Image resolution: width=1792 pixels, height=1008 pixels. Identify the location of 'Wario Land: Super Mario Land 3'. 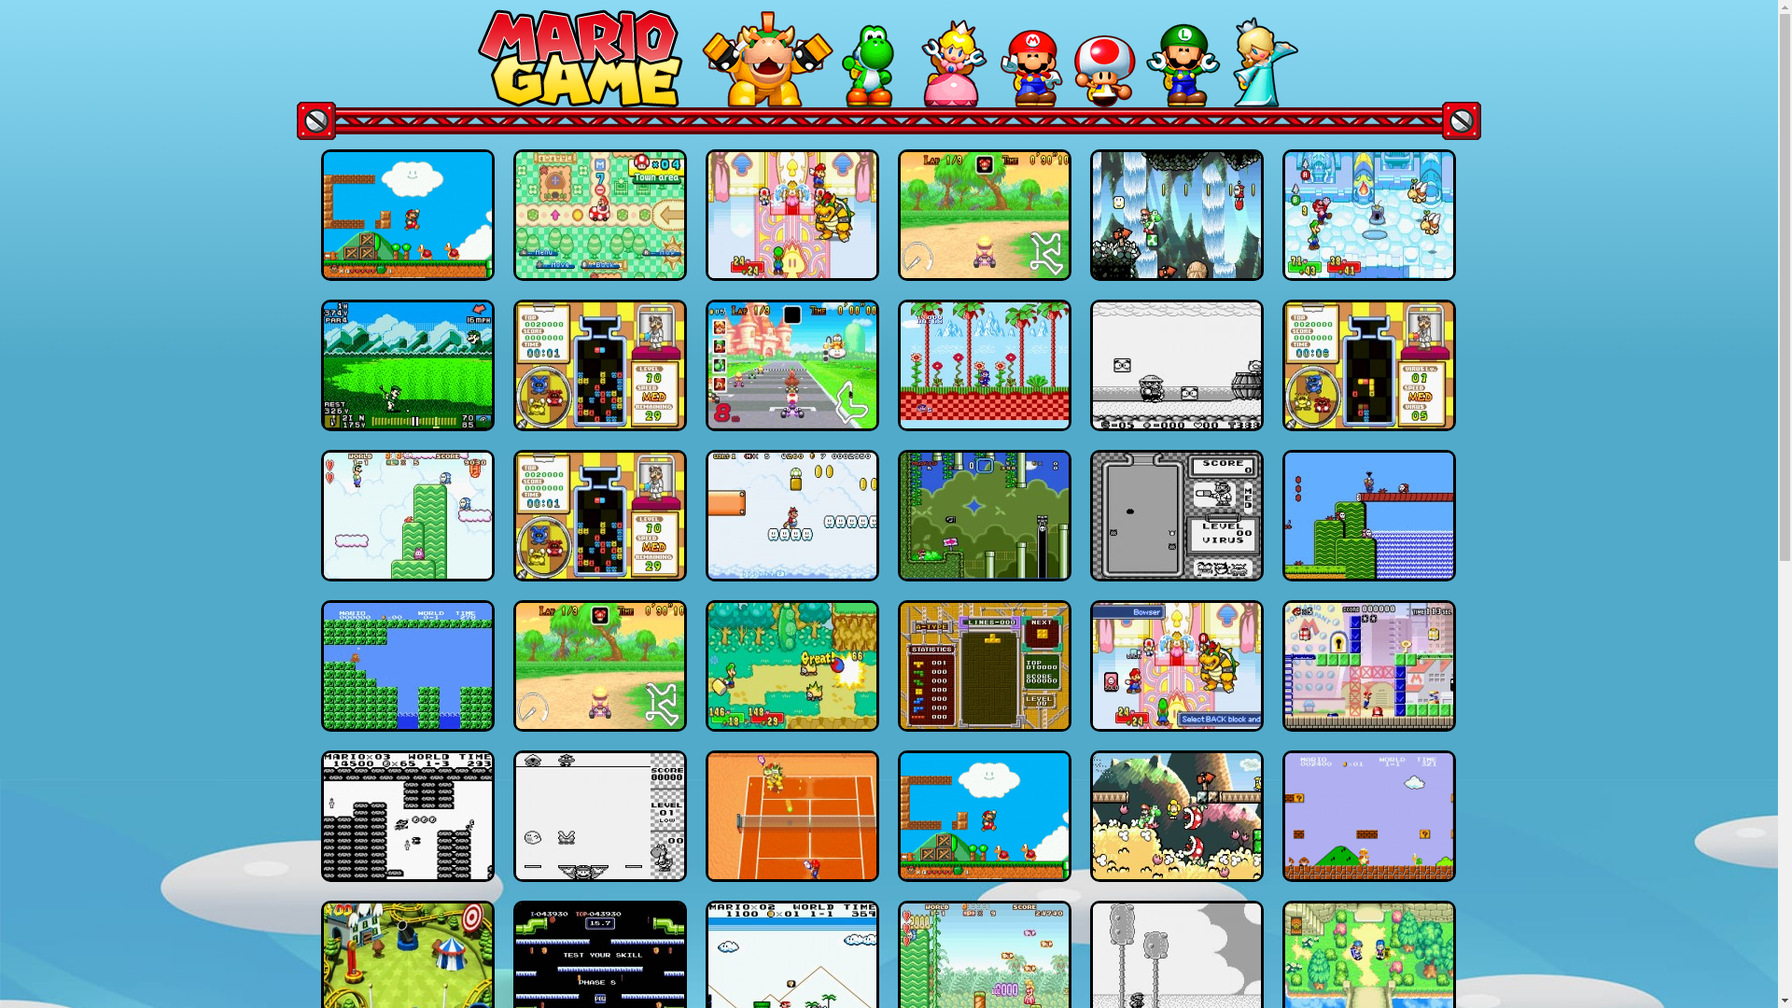
(1176, 363).